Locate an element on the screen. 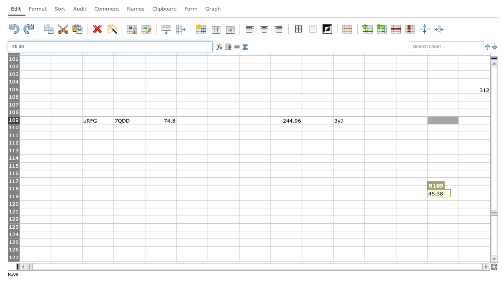 Image resolution: width=502 pixels, height=282 pixels. Col: B, Row: 120 is located at coordinates (66, 204).